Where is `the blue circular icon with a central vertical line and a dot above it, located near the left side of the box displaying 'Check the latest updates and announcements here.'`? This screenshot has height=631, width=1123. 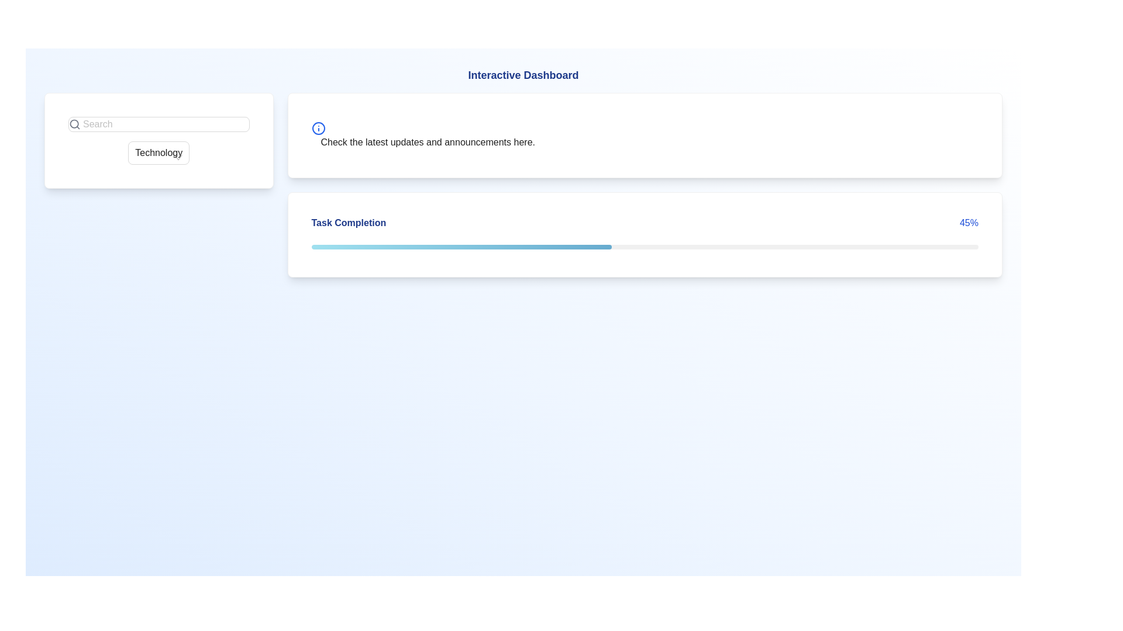
the blue circular icon with a central vertical line and a dot above it, located near the left side of the box displaying 'Check the latest updates and announcements here.' is located at coordinates (318, 128).